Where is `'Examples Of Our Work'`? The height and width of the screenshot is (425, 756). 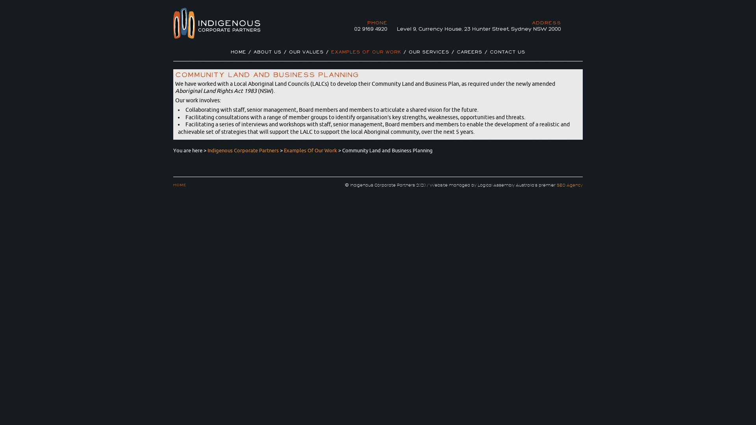 'Examples Of Our Work' is located at coordinates (310, 150).